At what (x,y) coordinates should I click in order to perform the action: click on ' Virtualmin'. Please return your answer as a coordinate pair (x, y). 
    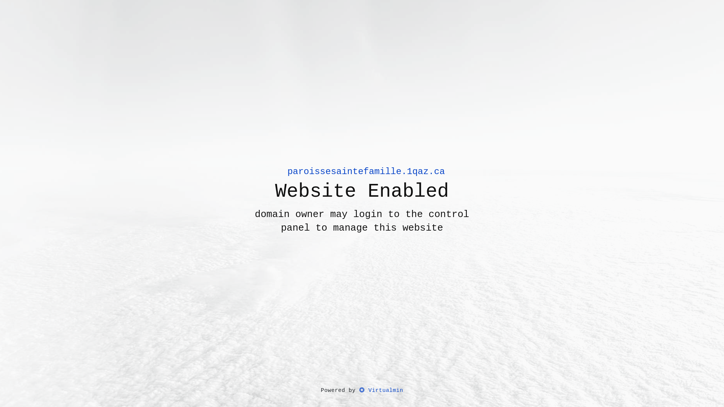
    Looking at the image, I should click on (381, 390).